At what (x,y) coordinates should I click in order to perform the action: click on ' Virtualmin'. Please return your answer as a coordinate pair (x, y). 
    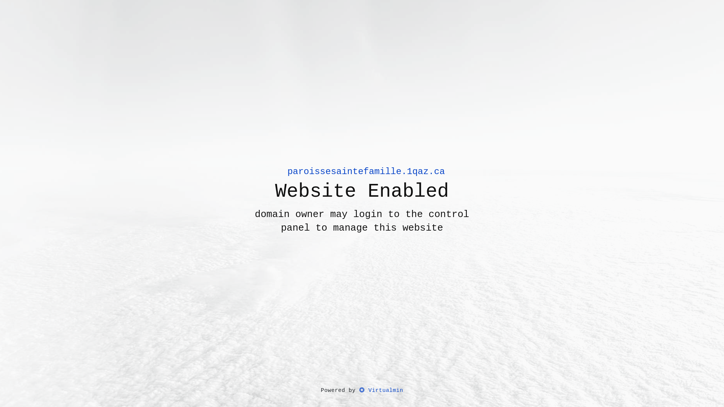
    Looking at the image, I should click on (381, 390).